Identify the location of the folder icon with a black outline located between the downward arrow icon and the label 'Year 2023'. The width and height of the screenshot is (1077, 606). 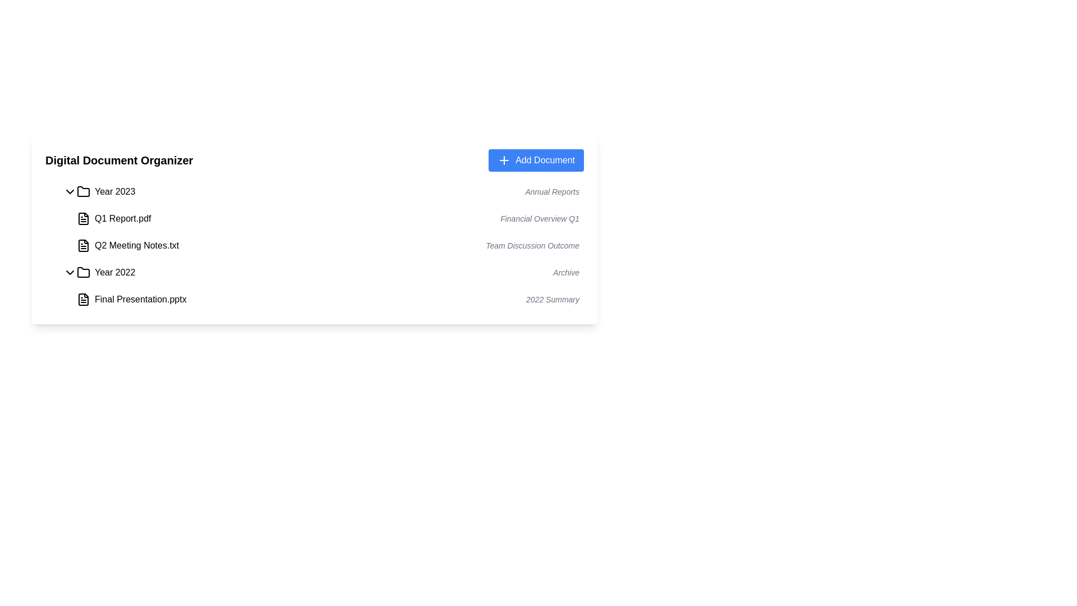
(82, 191).